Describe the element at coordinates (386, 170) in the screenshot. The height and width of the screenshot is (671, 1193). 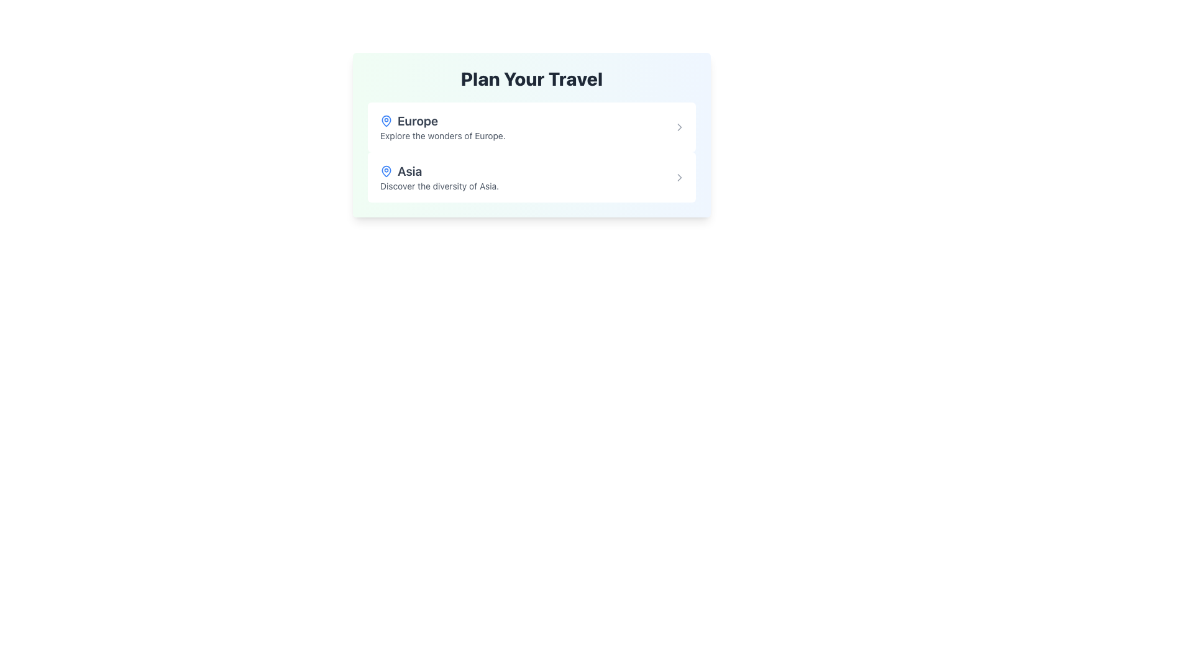
I see `the vector icon representing the location marker for the list item 'Asia', which is positioned to the left of the text content` at that location.